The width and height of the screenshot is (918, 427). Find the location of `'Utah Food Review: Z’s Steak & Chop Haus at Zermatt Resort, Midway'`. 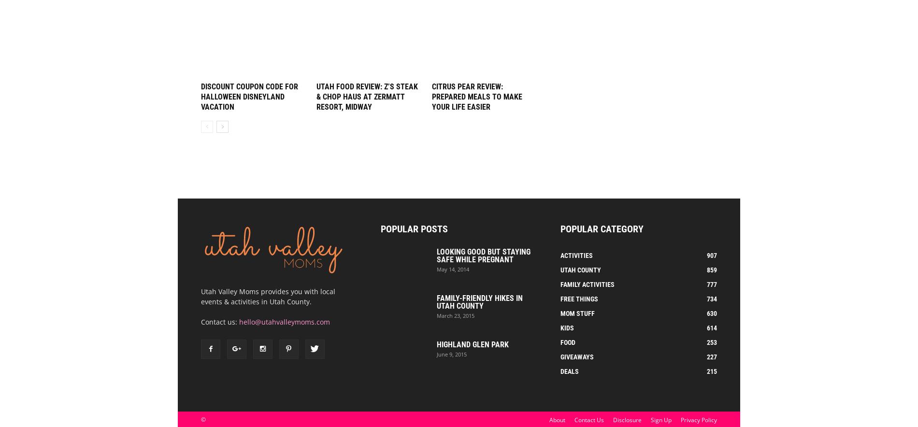

'Utah Food Review: Z’s Steak & Chop Haus at Zermatt Resort, Midway' is located at coordinates (367, 96).